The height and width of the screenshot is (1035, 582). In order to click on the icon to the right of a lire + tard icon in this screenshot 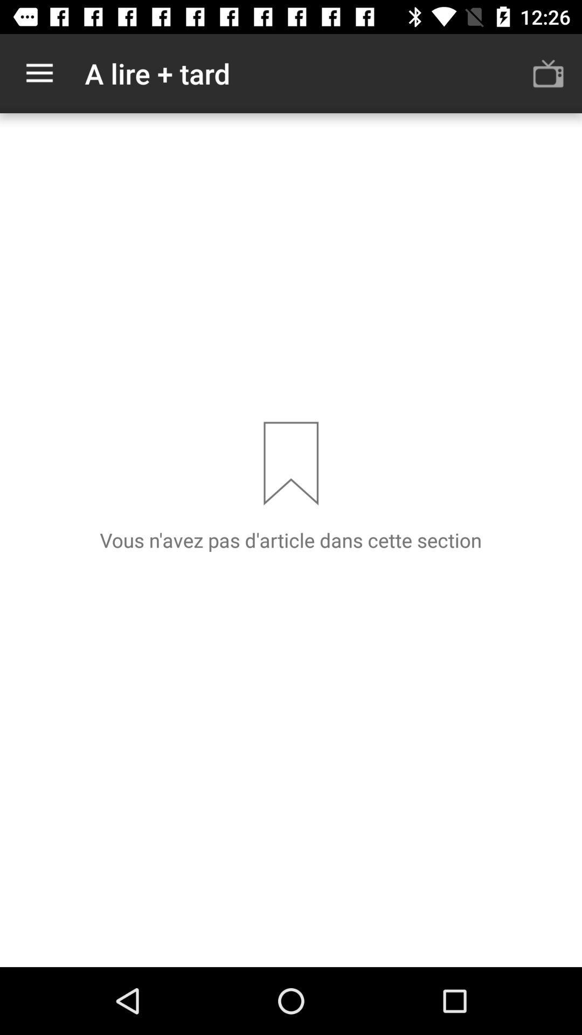, I will do `click(548, 73)`.